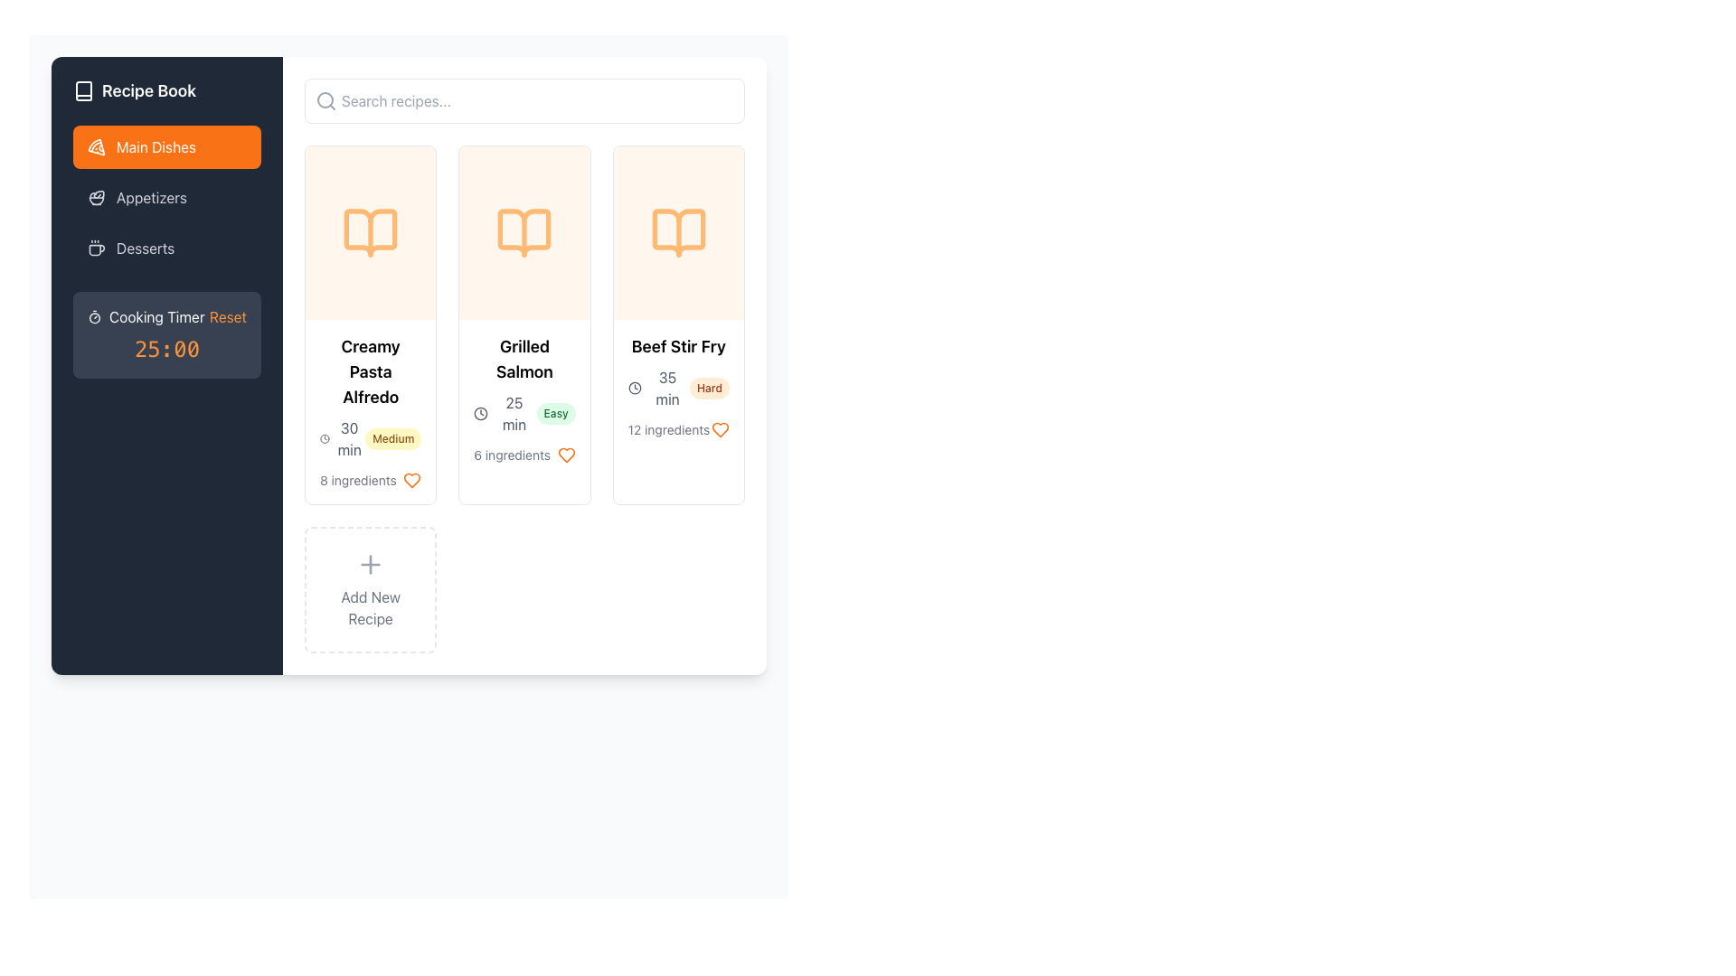 The height and width of the screenshot is (976, 1736). What do you see at coordinates (167, 90) in the screenshot?
I see `the 'Recipe Book' label with icon, which features bold white text and a book icon on a dark background, located at the top of the sidebar` at bounding box center [167, 90].